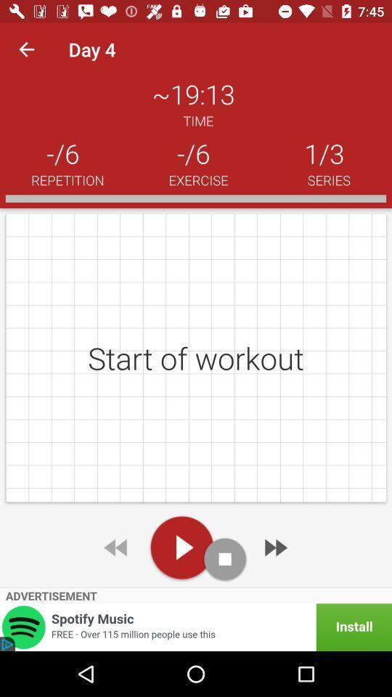 This screenshot has width=392, height=697. What do you see at coordinates (181, 547) in the screenshot?
I see `play` at bounding box center [181, 547].